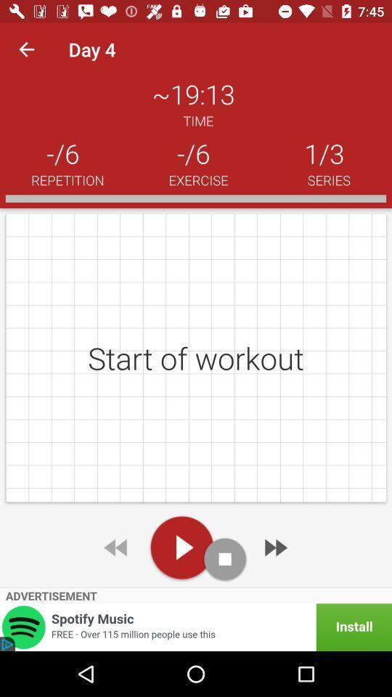 This screenshot has width=392, height=697. What do you see at coordinates (181, 547) in the screenshot?
I see `play` at bounding box center [181, 547].